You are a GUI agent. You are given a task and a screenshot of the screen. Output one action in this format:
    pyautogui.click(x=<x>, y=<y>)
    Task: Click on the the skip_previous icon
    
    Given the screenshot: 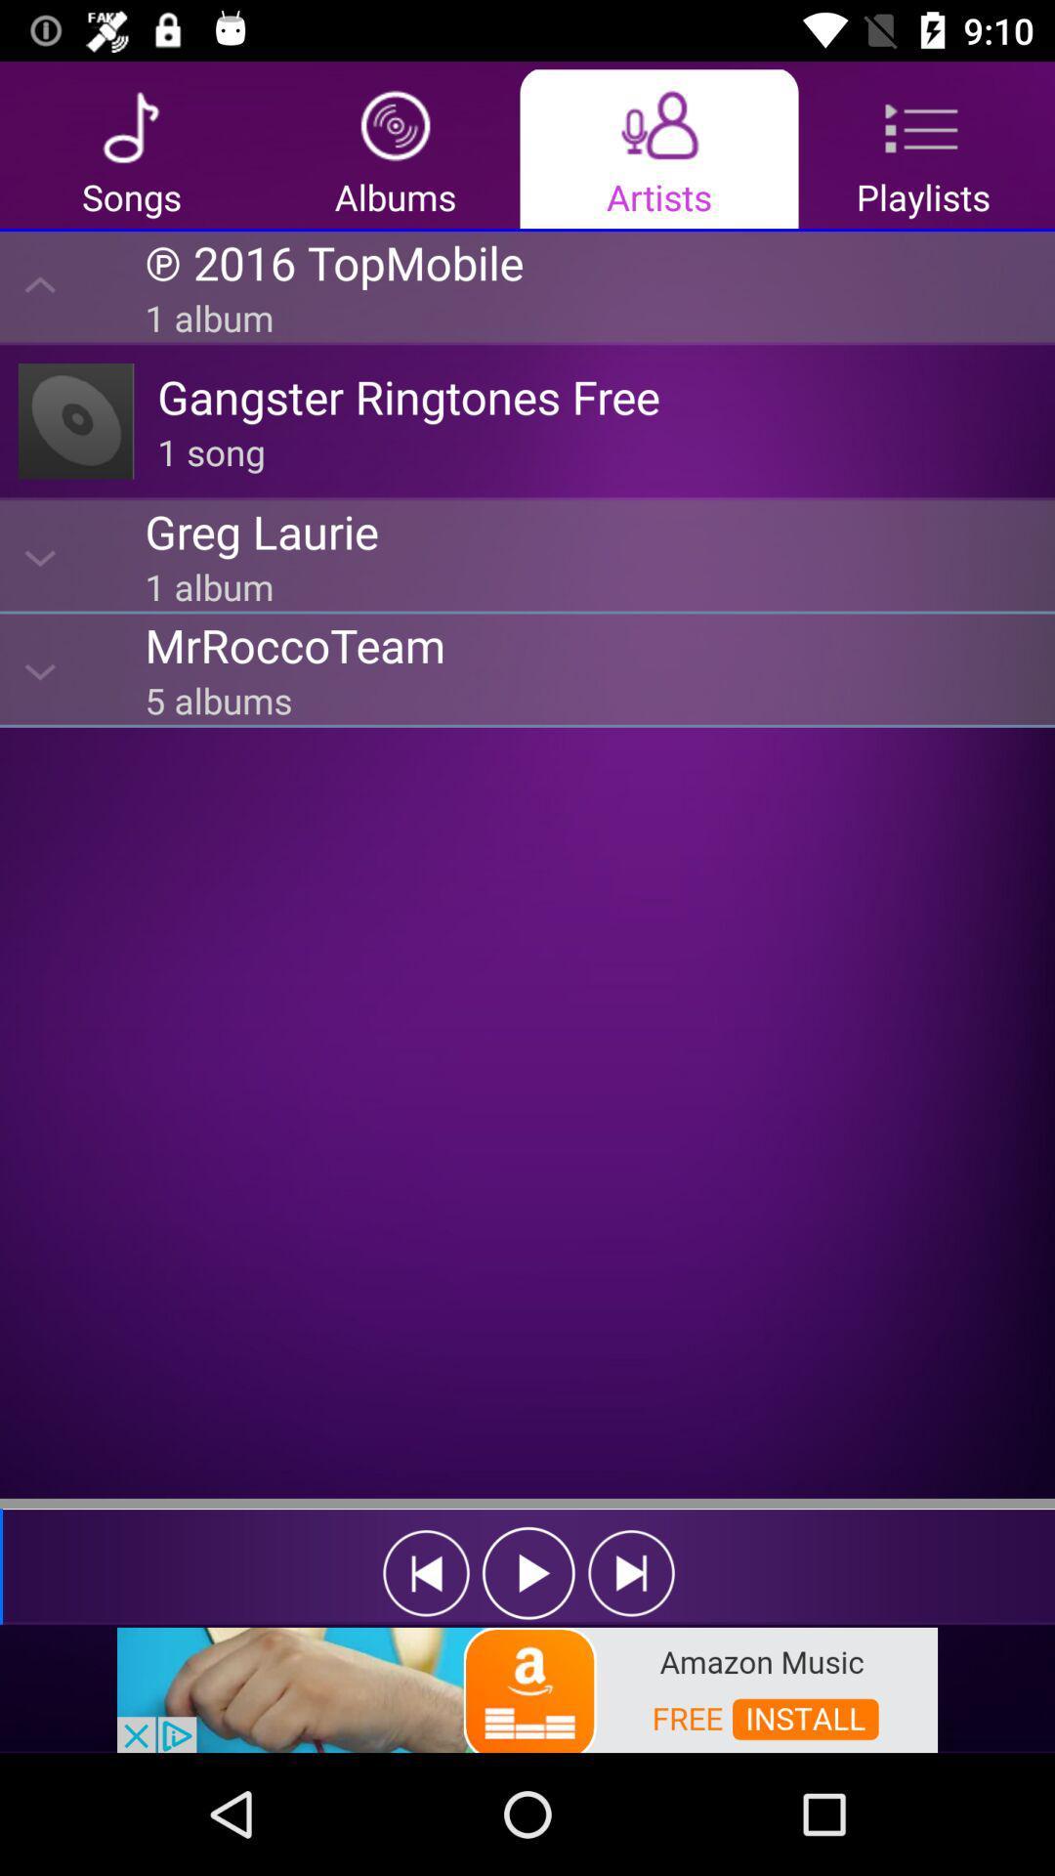 What is the action you would take?
    pyautogui.click(x=425, y=1573)
    